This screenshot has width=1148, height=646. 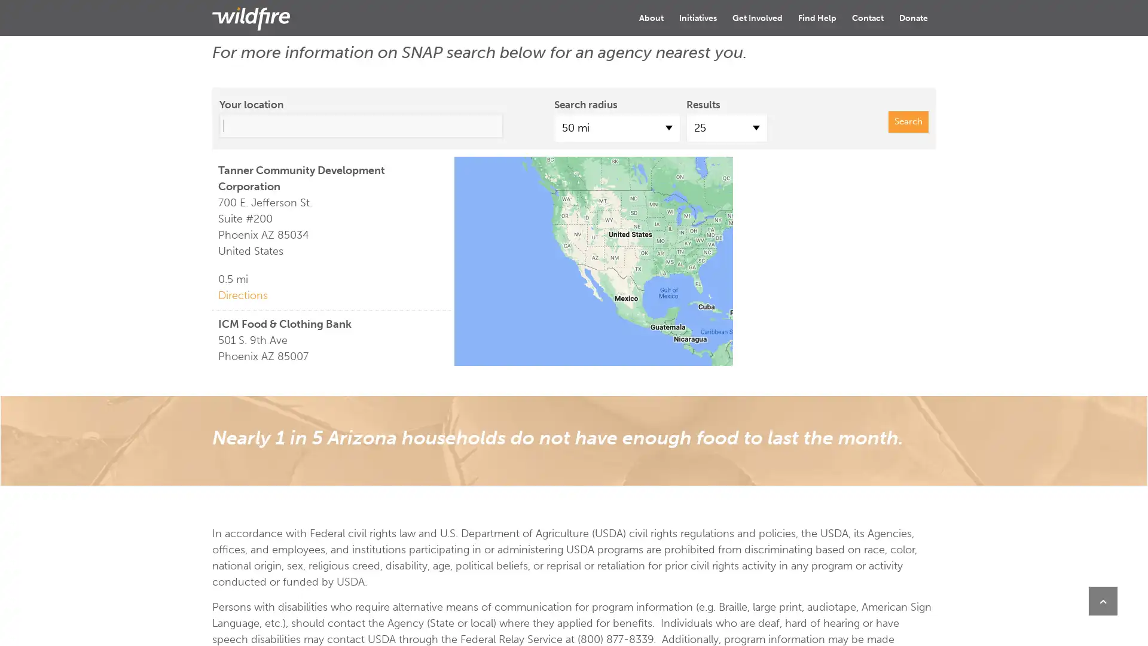 I want to click on TCDC at Grand Families Place, so click(x=703, y=279).